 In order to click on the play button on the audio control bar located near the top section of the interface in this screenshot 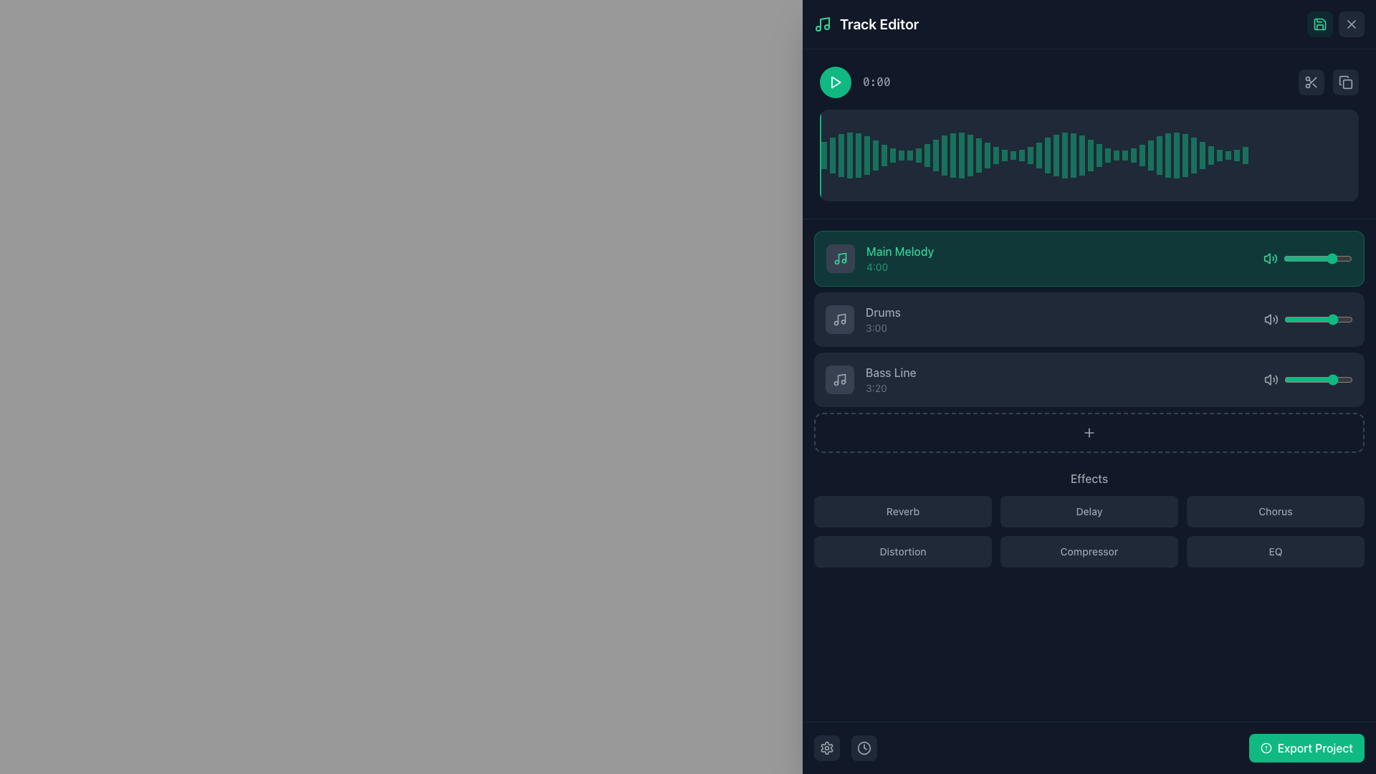, I will do `click(1089, 82)`.